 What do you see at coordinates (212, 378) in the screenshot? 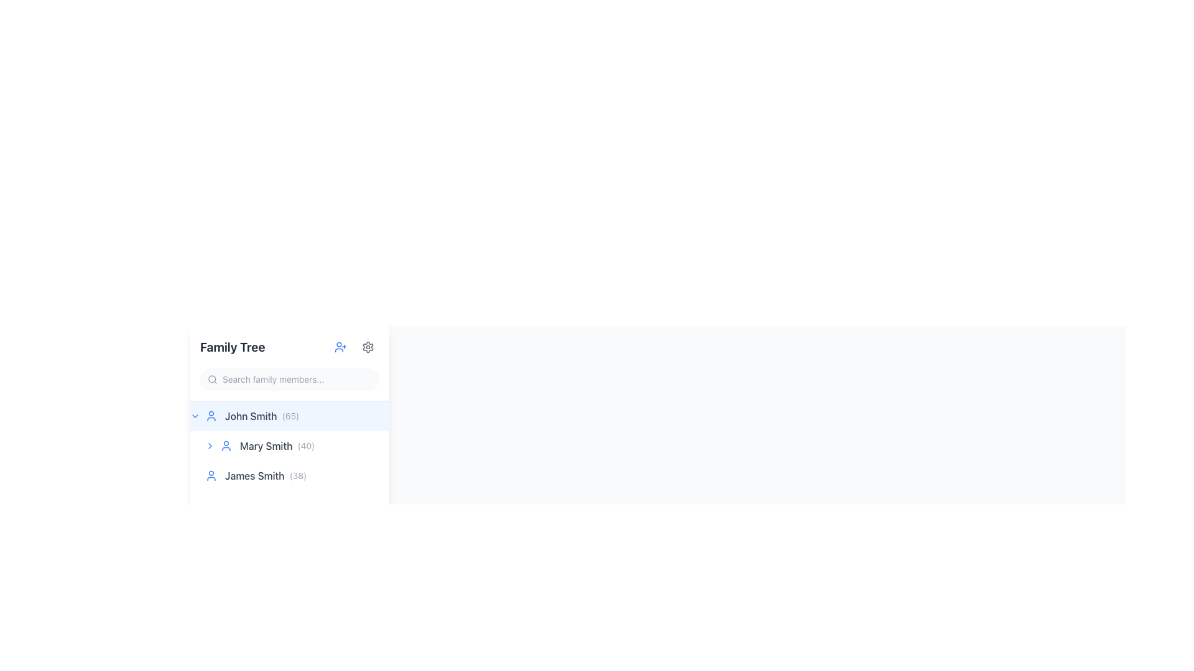
I see `the circular decorative element at the center of the search icon in the left sidebar panel, located near the 'Search family members...' input field` at bounding box center [212, 378].